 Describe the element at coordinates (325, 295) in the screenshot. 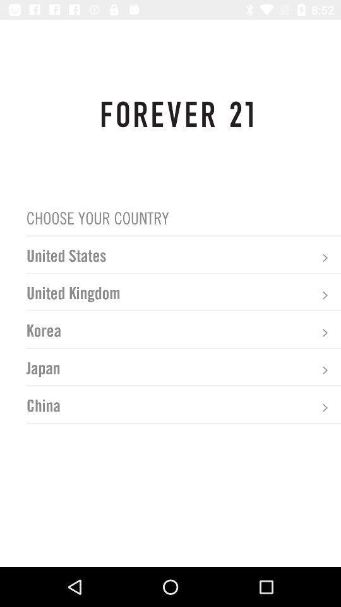

I see `the next button which is beside text united kingdom` at that location.